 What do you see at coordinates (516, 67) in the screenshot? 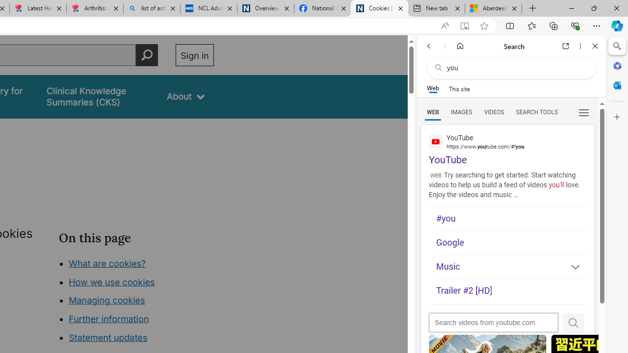
I see `'Search the web'` at bounding box center [516, 67].